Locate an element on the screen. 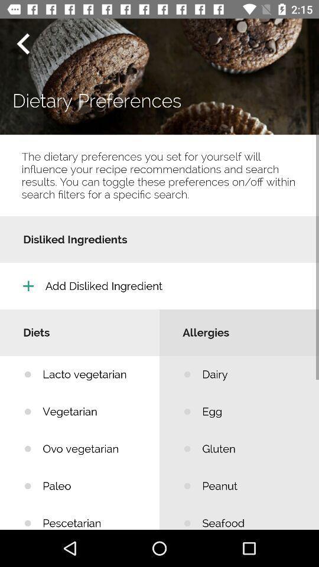 The height and width of the screenshot is (567, 319). the icon above the the dietary preferences item is located at coordinates (22, 44).